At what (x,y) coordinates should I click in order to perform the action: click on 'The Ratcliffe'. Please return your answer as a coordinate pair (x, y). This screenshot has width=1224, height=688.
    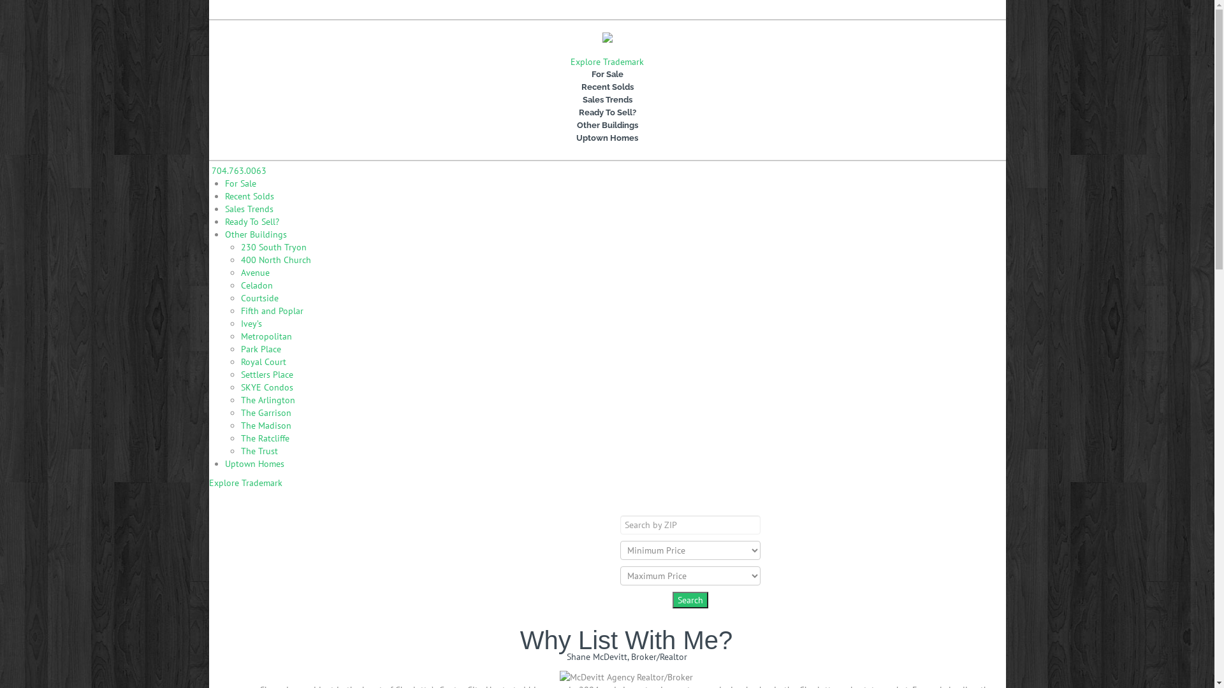
    Looking at the image, I should click on (265, 437).